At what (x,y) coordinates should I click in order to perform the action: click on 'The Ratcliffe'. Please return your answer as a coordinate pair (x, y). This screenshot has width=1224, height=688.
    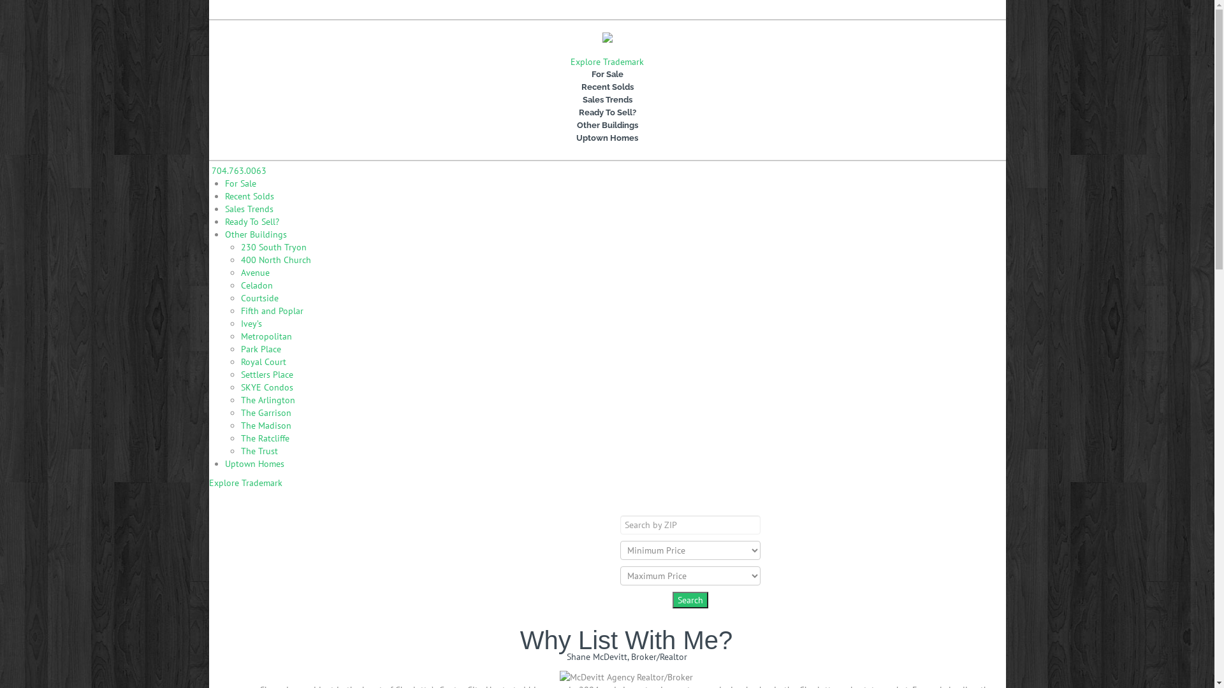
    Looking at the image, I should click on (265, 437).